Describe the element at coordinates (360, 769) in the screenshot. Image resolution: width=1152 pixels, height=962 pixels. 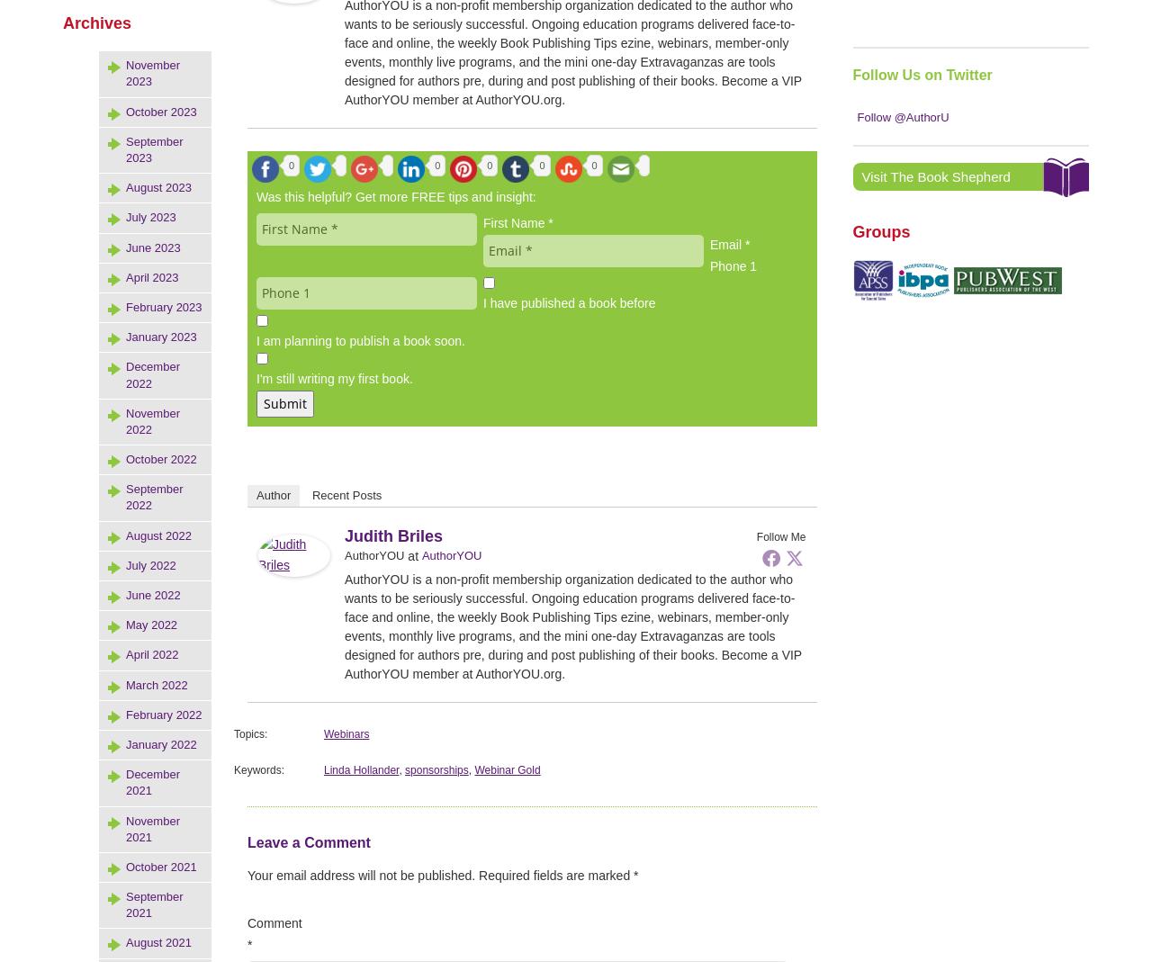
I see `'Linda Hollander'` at that location.